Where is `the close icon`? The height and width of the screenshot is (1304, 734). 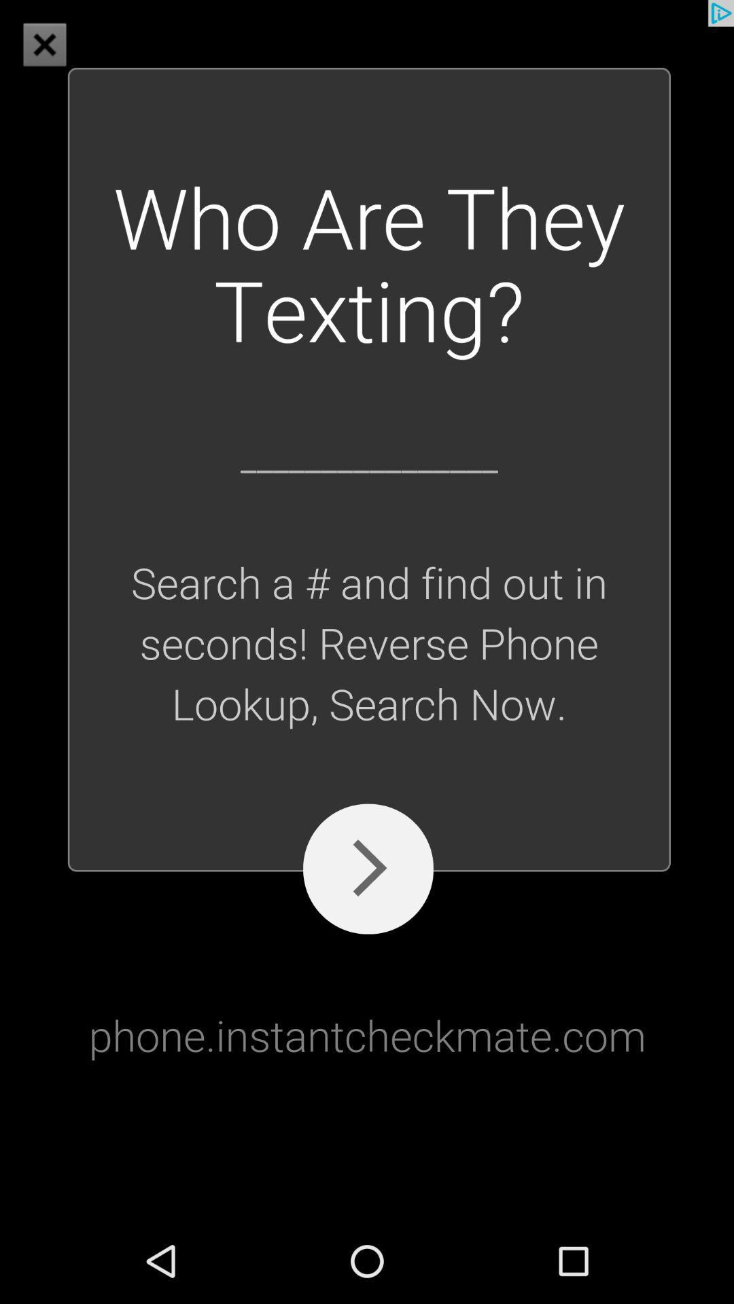
the close icon is located at coordinates (43, 48).